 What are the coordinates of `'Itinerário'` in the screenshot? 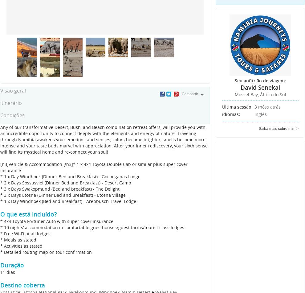 It's located at (11, 103).